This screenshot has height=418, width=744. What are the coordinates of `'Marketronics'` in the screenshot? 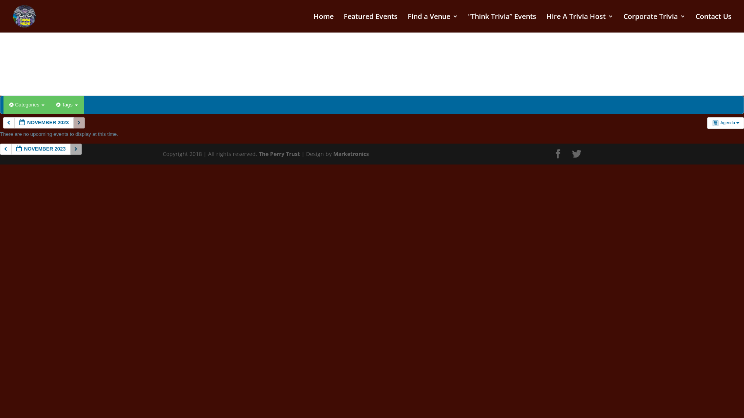 It's located at (351, 154).